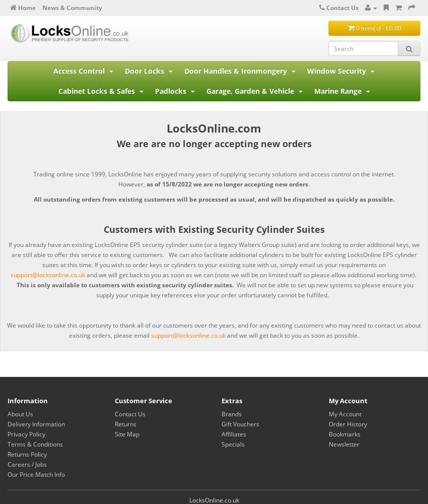 This screenshot has height=504, width=428. Describe the element at coordinates (80, 71) in the screenshot. I see `'Access Control'` at that location.